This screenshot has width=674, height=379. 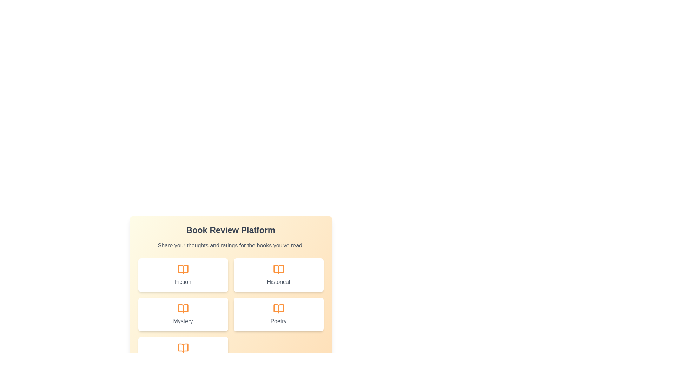 I want to click on text label 'Mystery' located in the bottom-left tile of the genre categorization section, styled with medium font weight and gray color, so click(x=183, y=321).